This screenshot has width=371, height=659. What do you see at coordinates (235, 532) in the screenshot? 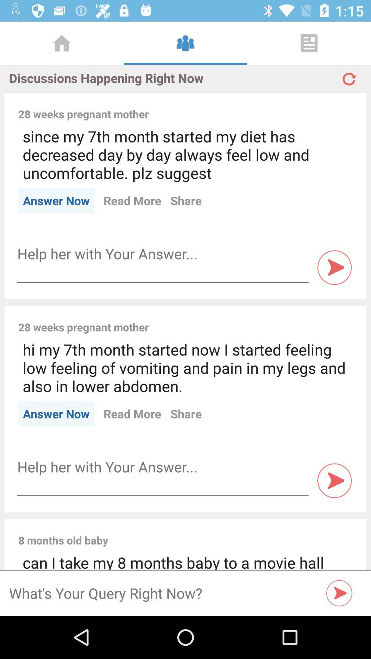
I see `the item above the can i take` at bounding box center [235, 532].